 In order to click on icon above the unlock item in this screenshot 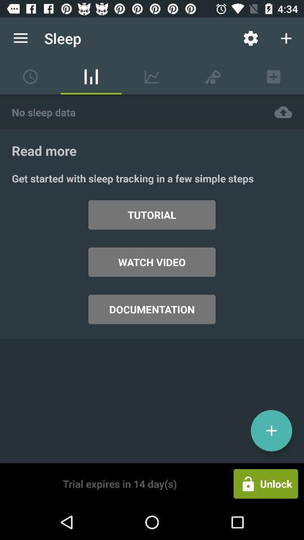, I will do `click(271, 430)`.